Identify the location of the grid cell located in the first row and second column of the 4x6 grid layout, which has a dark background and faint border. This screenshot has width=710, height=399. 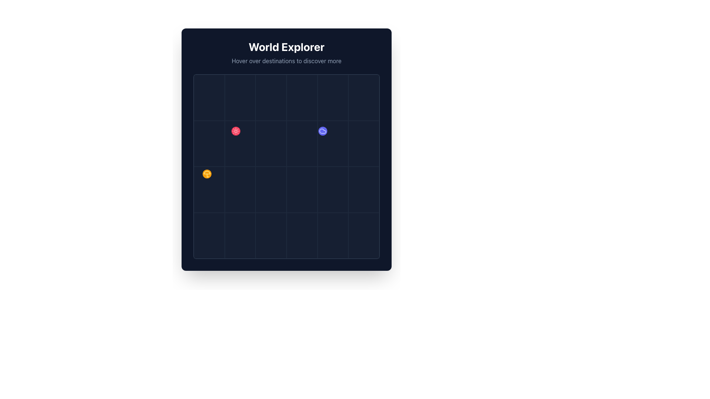
(240, 97).